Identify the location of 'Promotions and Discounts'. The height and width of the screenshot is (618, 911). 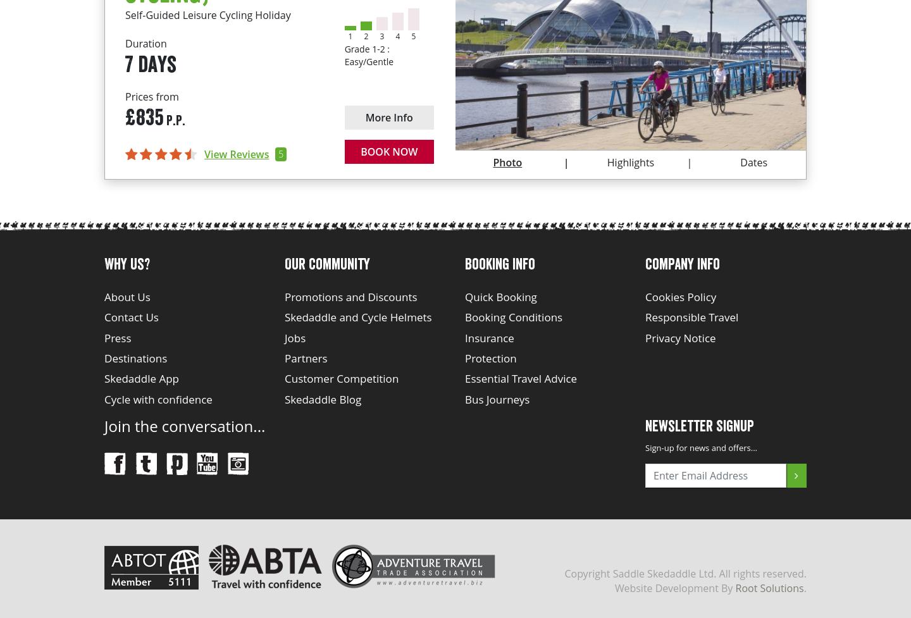
(350, 297).